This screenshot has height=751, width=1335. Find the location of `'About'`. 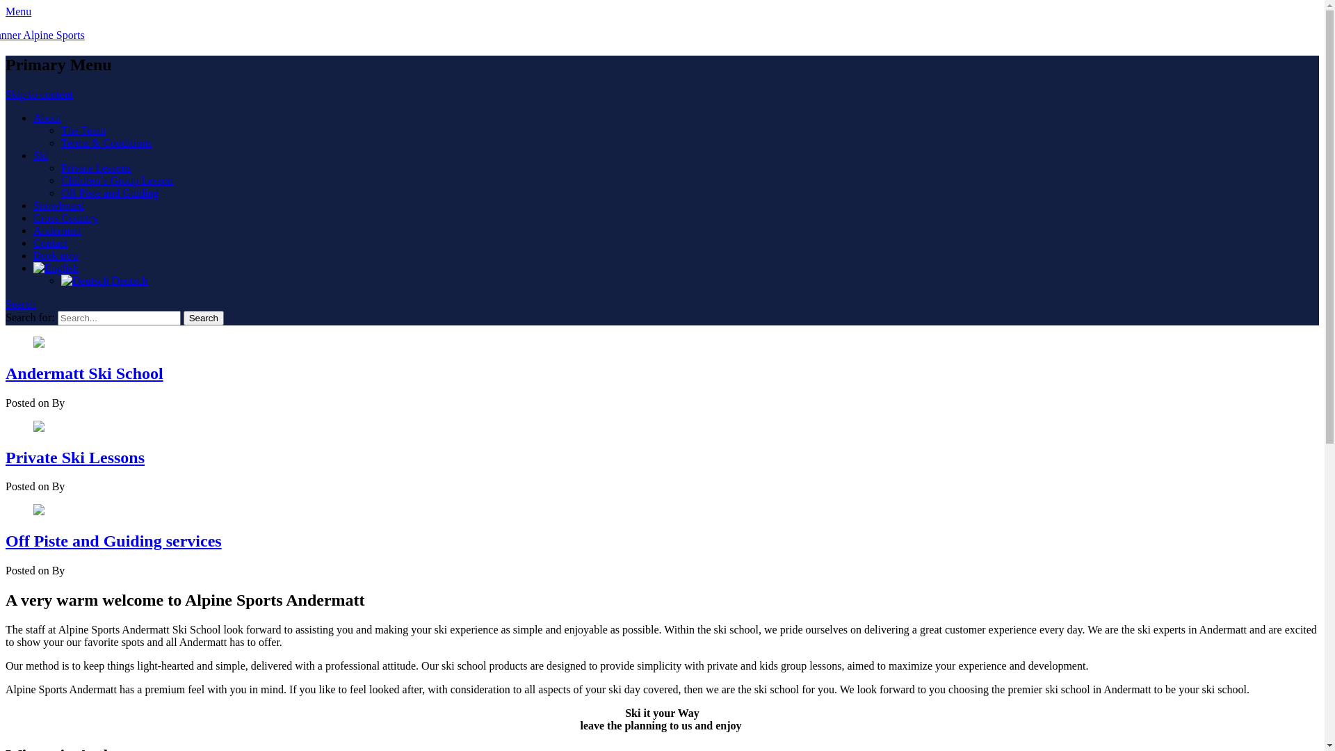

'About' is located at coordinates (47, 117).